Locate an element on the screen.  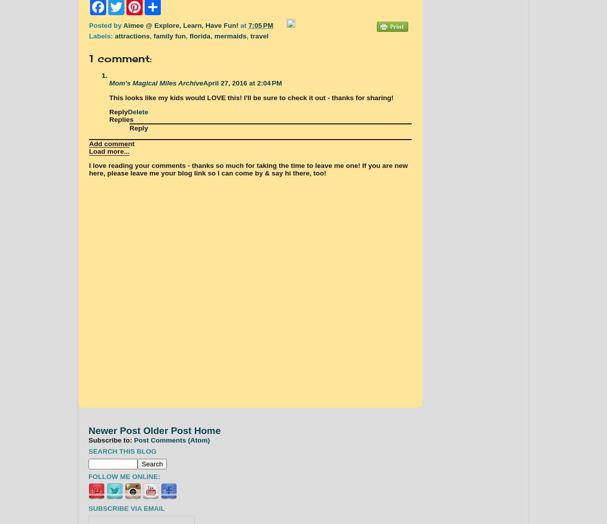
'at' is located at coordinates (244, 25).